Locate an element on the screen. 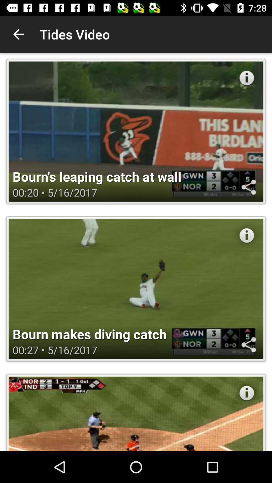 Image resolution: width=272 pixels, height=483 pixels. more info is located at coordinates (246, 393).